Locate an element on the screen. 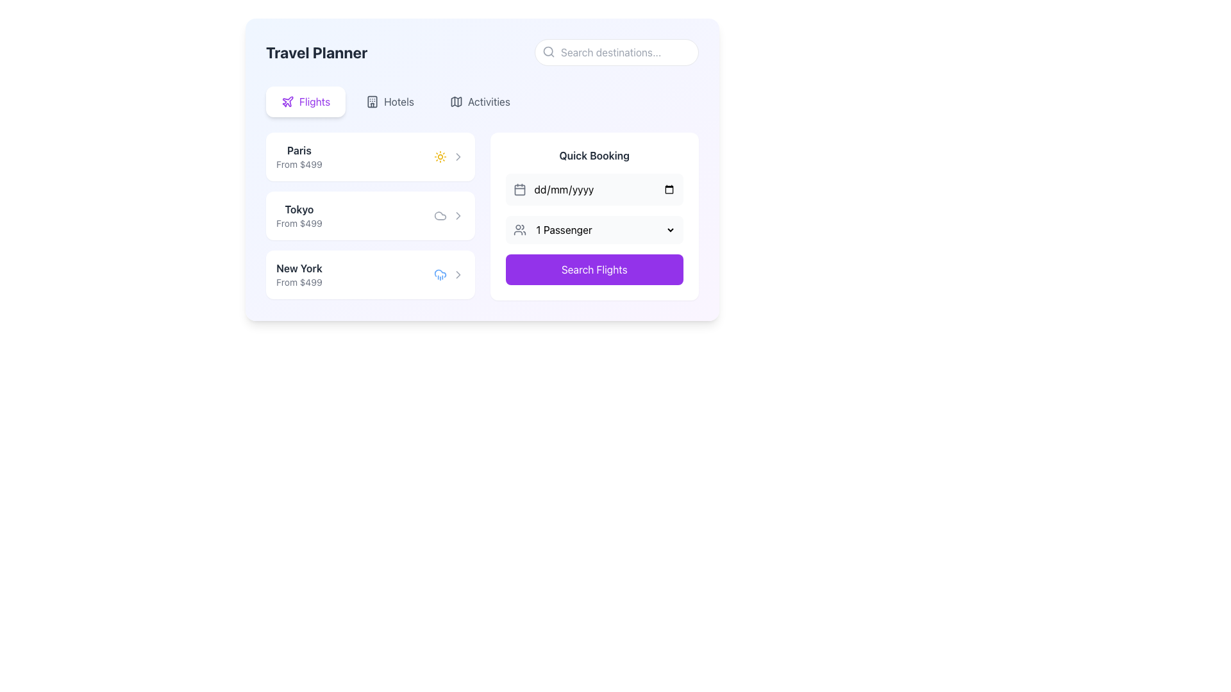 The image size is (1231, 692). the 'Activities' button, which is the third and rightmost item in a horizontal group of options, displaying a map icon with a gray color scheme in a rounded rectangular design is located at coordinates (479, 101).